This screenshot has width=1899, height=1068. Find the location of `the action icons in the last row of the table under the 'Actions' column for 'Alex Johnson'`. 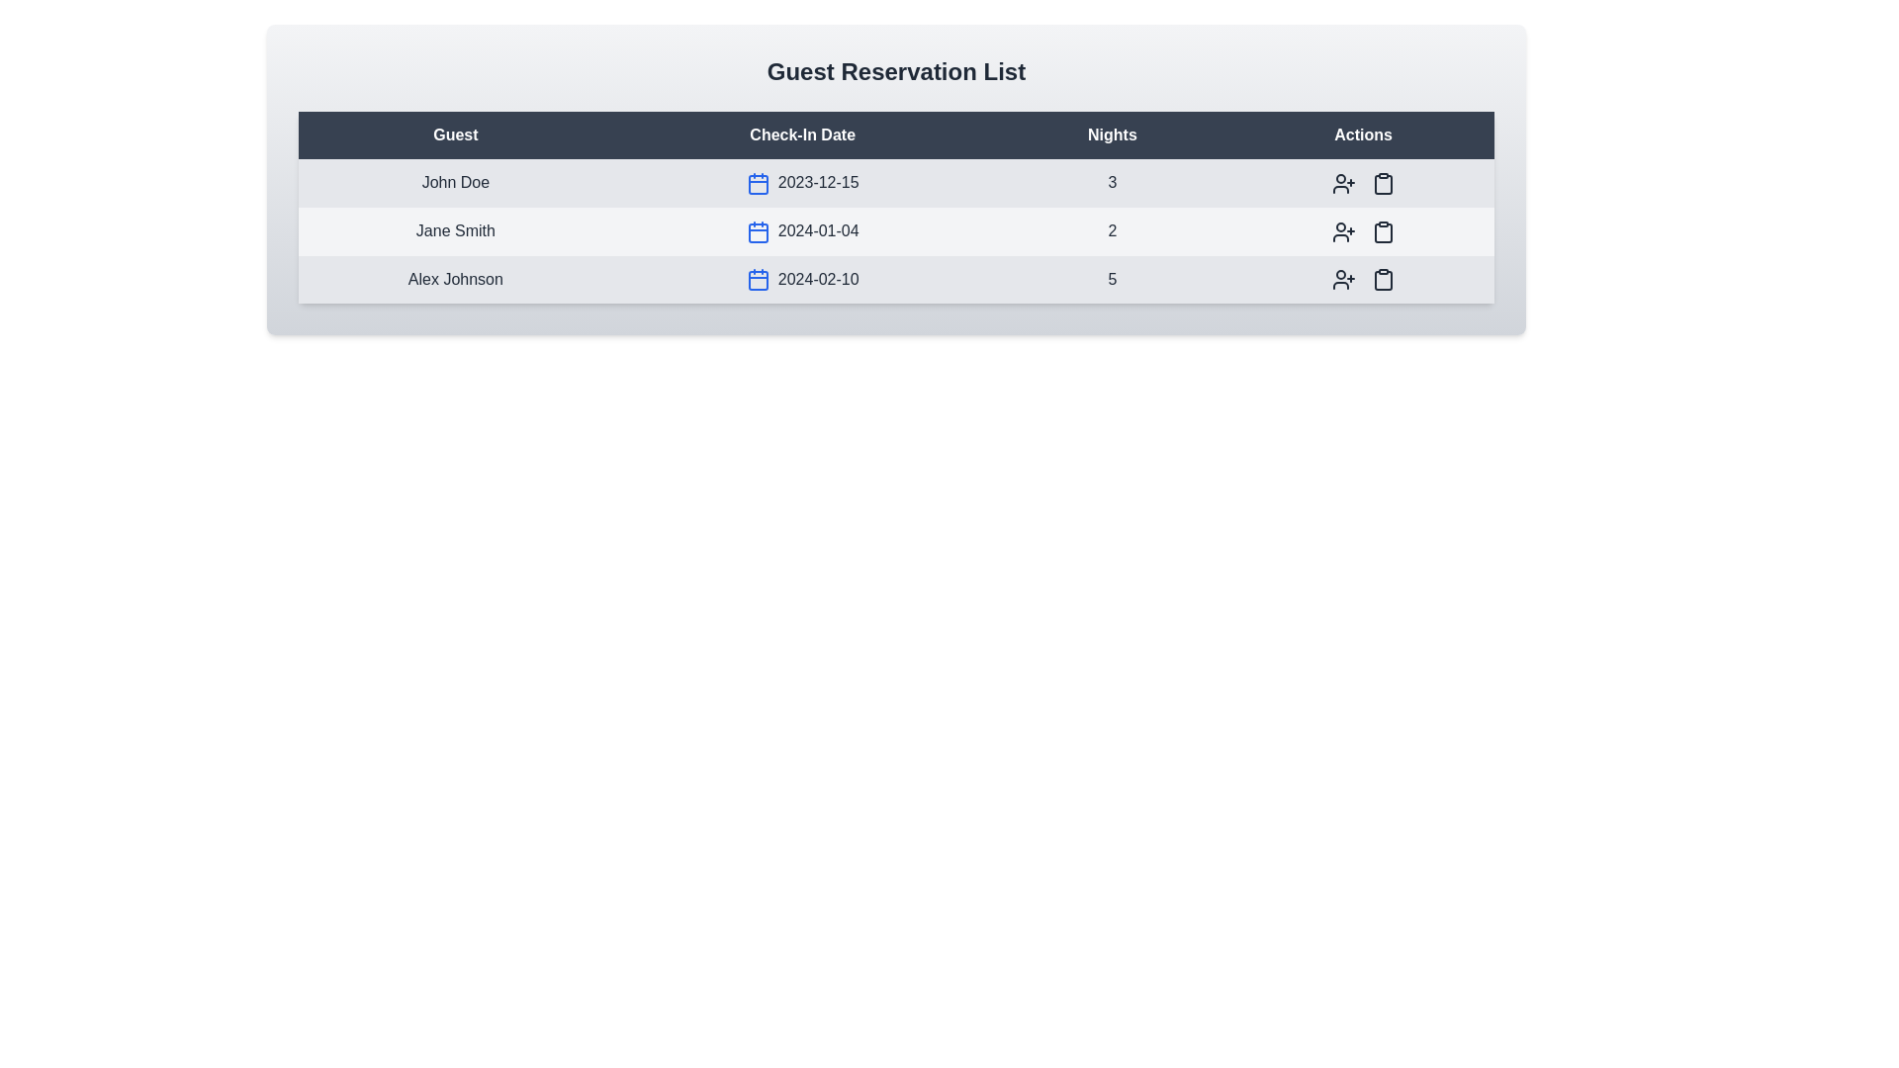

the action icons in the last row of the table under the 'Actions' column for 'Alex Johnson' is located at coordinates (1362, 279).